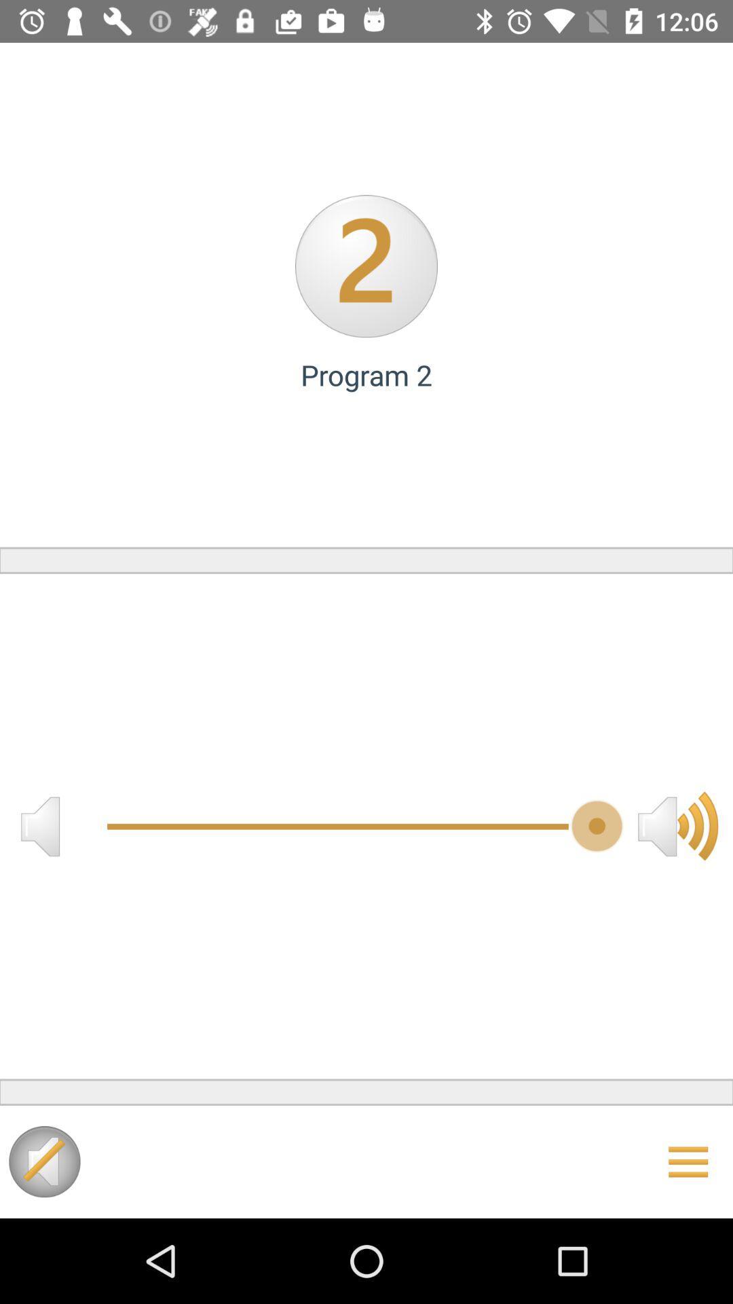 The width and height of the screenshot is (733, 1304). Describe the element at coordinates (39, 825) in the screenshot. I see `lower volume` at that location.